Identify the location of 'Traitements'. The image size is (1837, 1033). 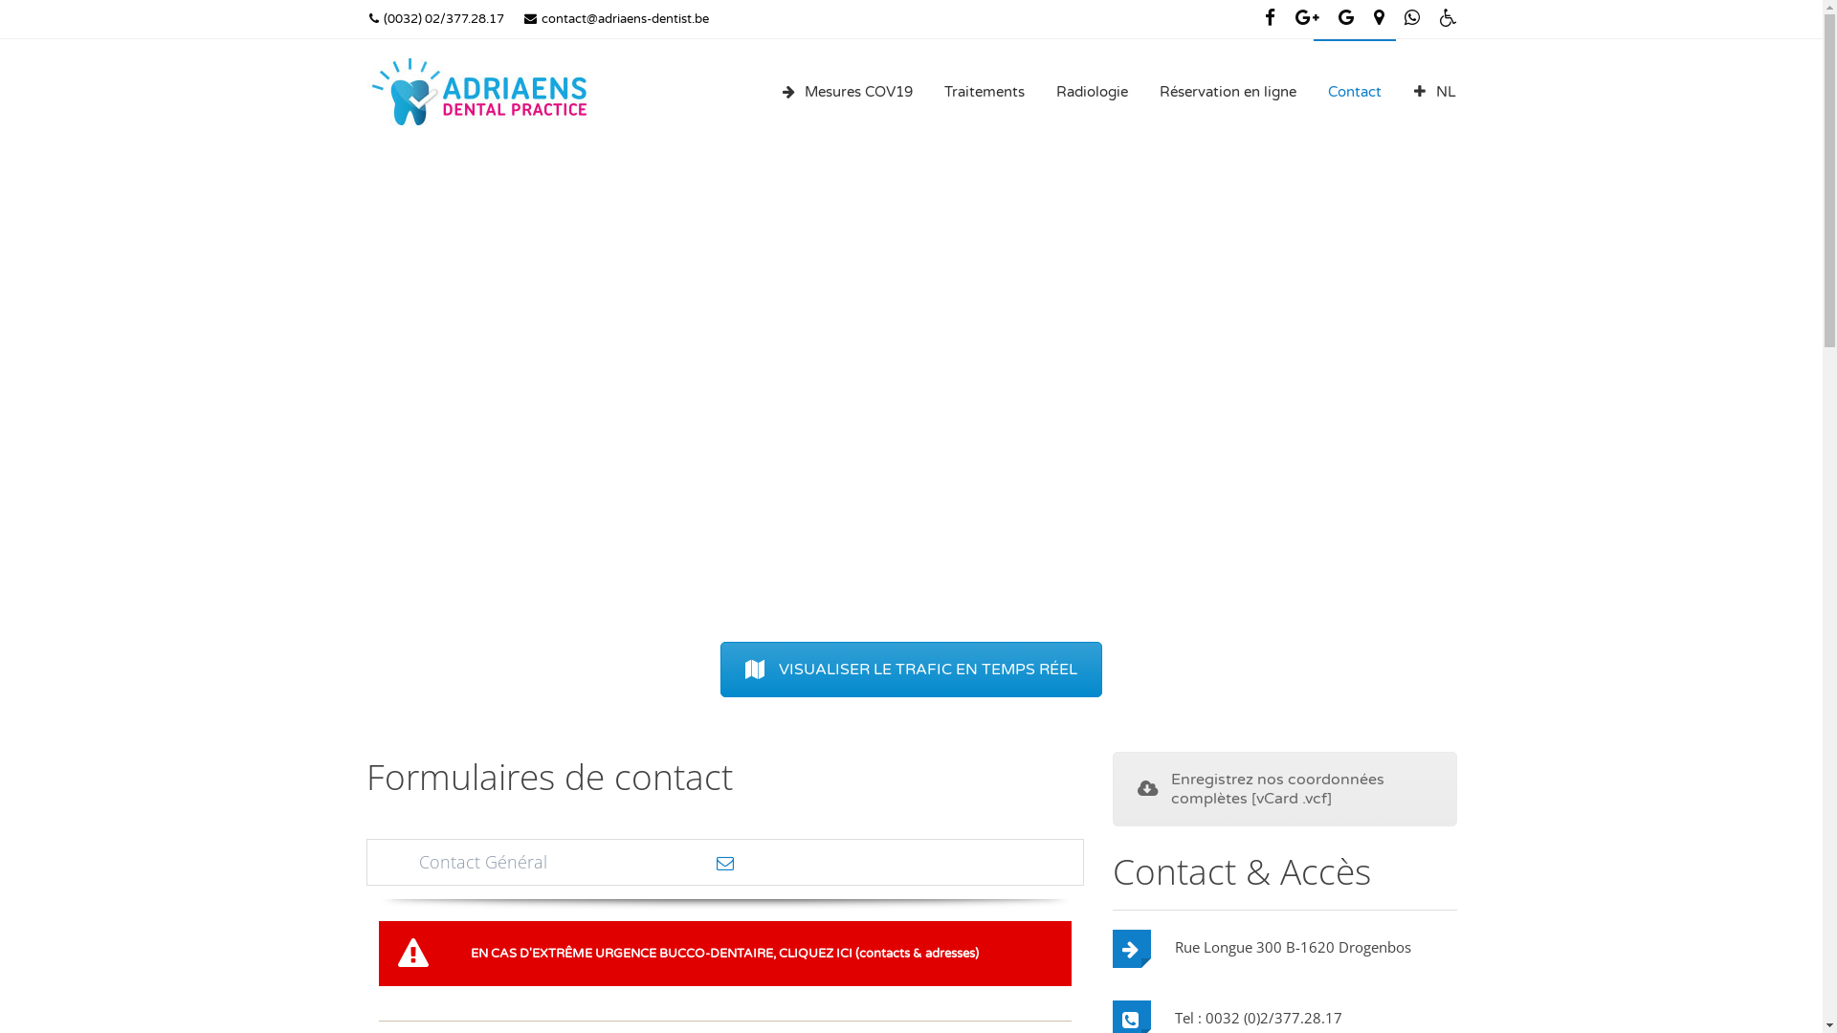
(984, 92).